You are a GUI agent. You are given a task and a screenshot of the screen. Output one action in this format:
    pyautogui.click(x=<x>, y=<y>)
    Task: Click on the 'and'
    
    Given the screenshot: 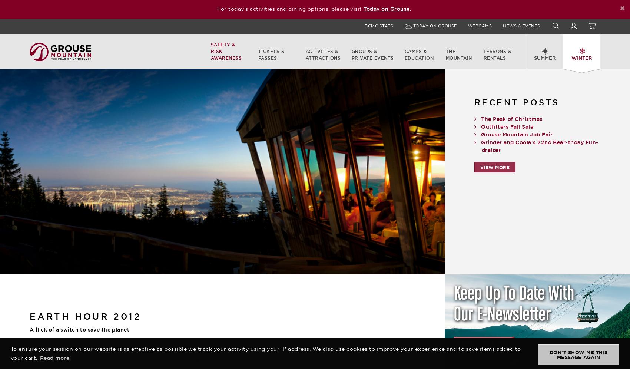 What is the action you would take?
    pyautogui.click(x=149, y=361)
    